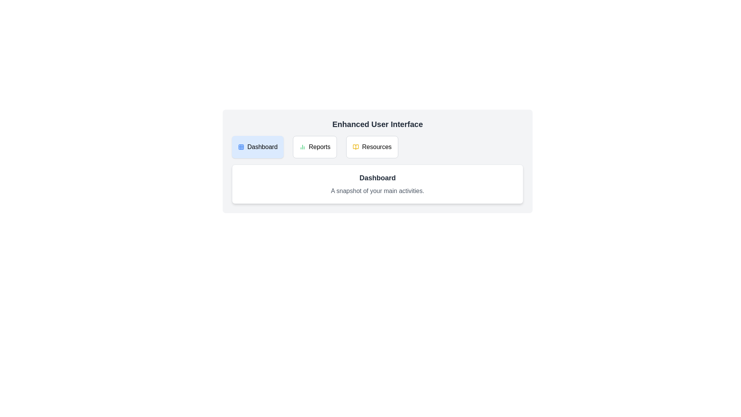 The width and height of the screenshot is (741, 417). Describe the element at coordinates (257, 147) in the screenshot. I see `the tab labeled Dashboard` at that location.